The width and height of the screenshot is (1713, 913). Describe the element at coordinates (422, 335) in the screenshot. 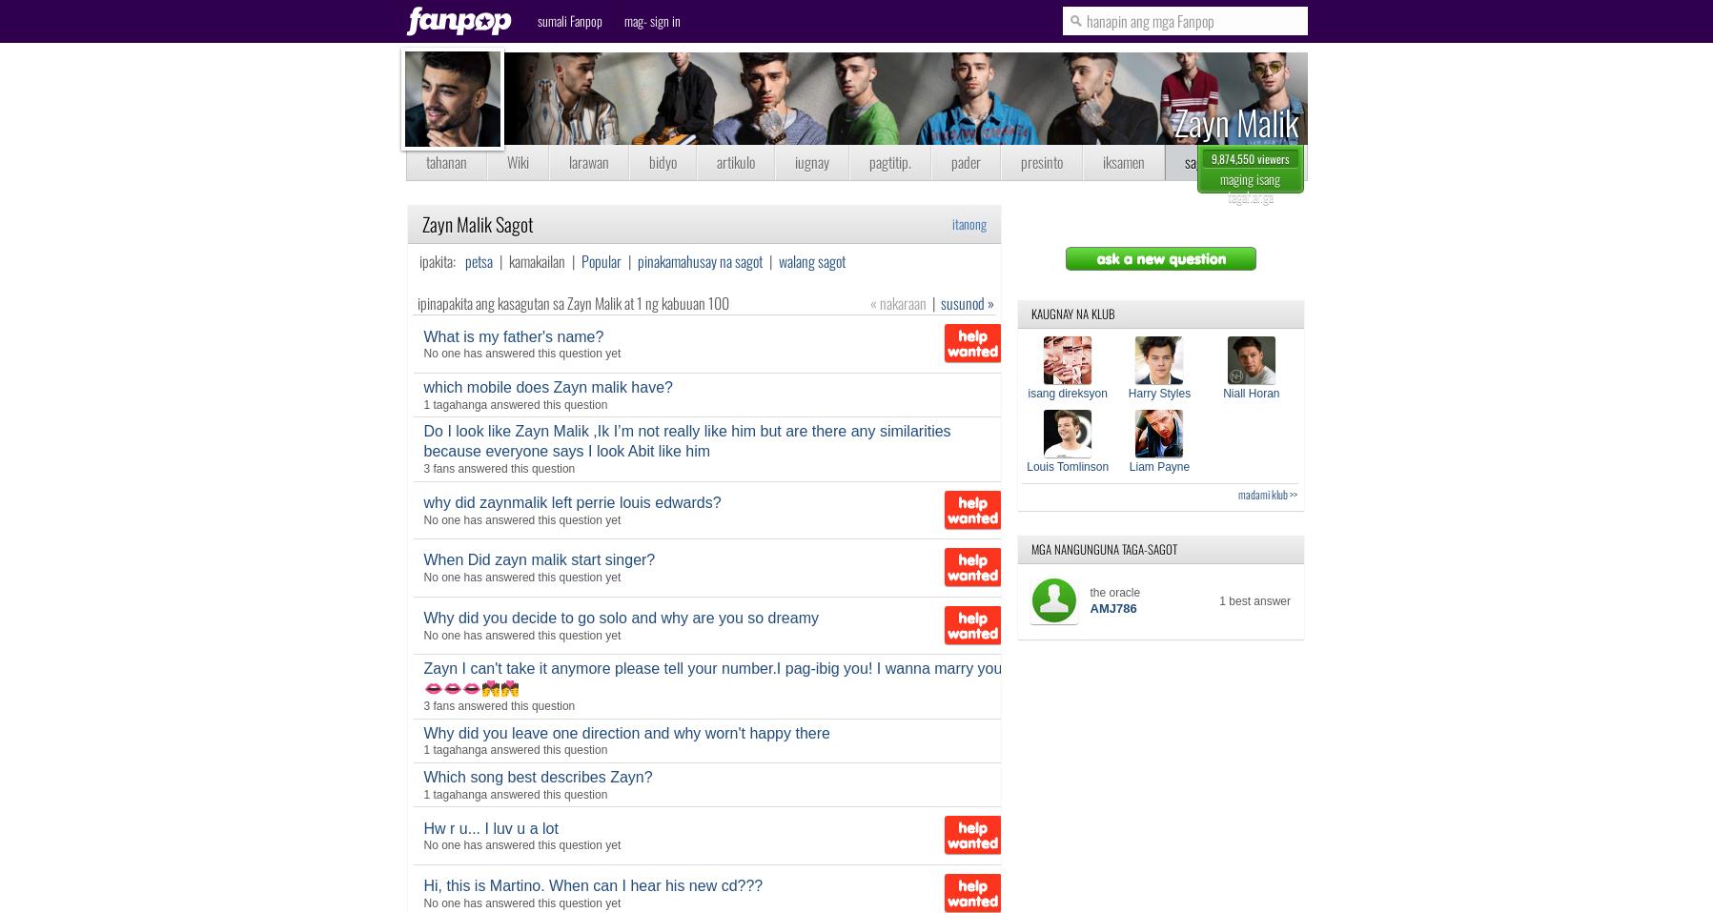

I see `'What is my father's name?'` at that location.